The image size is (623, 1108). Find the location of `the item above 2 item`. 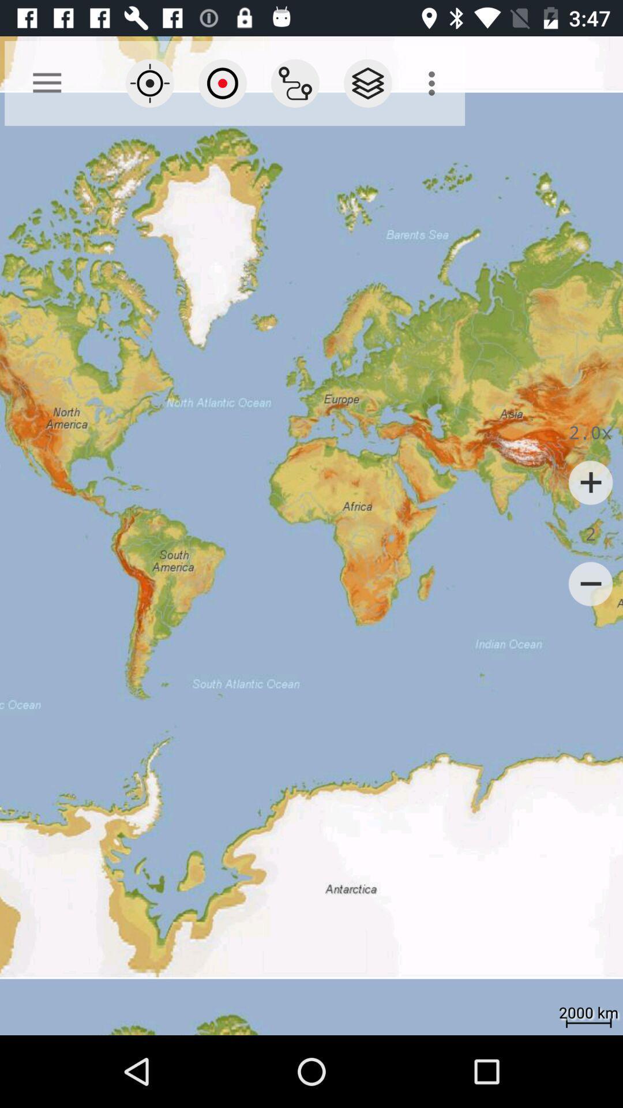

the item above 2 item is located at coordinates (591, 482).